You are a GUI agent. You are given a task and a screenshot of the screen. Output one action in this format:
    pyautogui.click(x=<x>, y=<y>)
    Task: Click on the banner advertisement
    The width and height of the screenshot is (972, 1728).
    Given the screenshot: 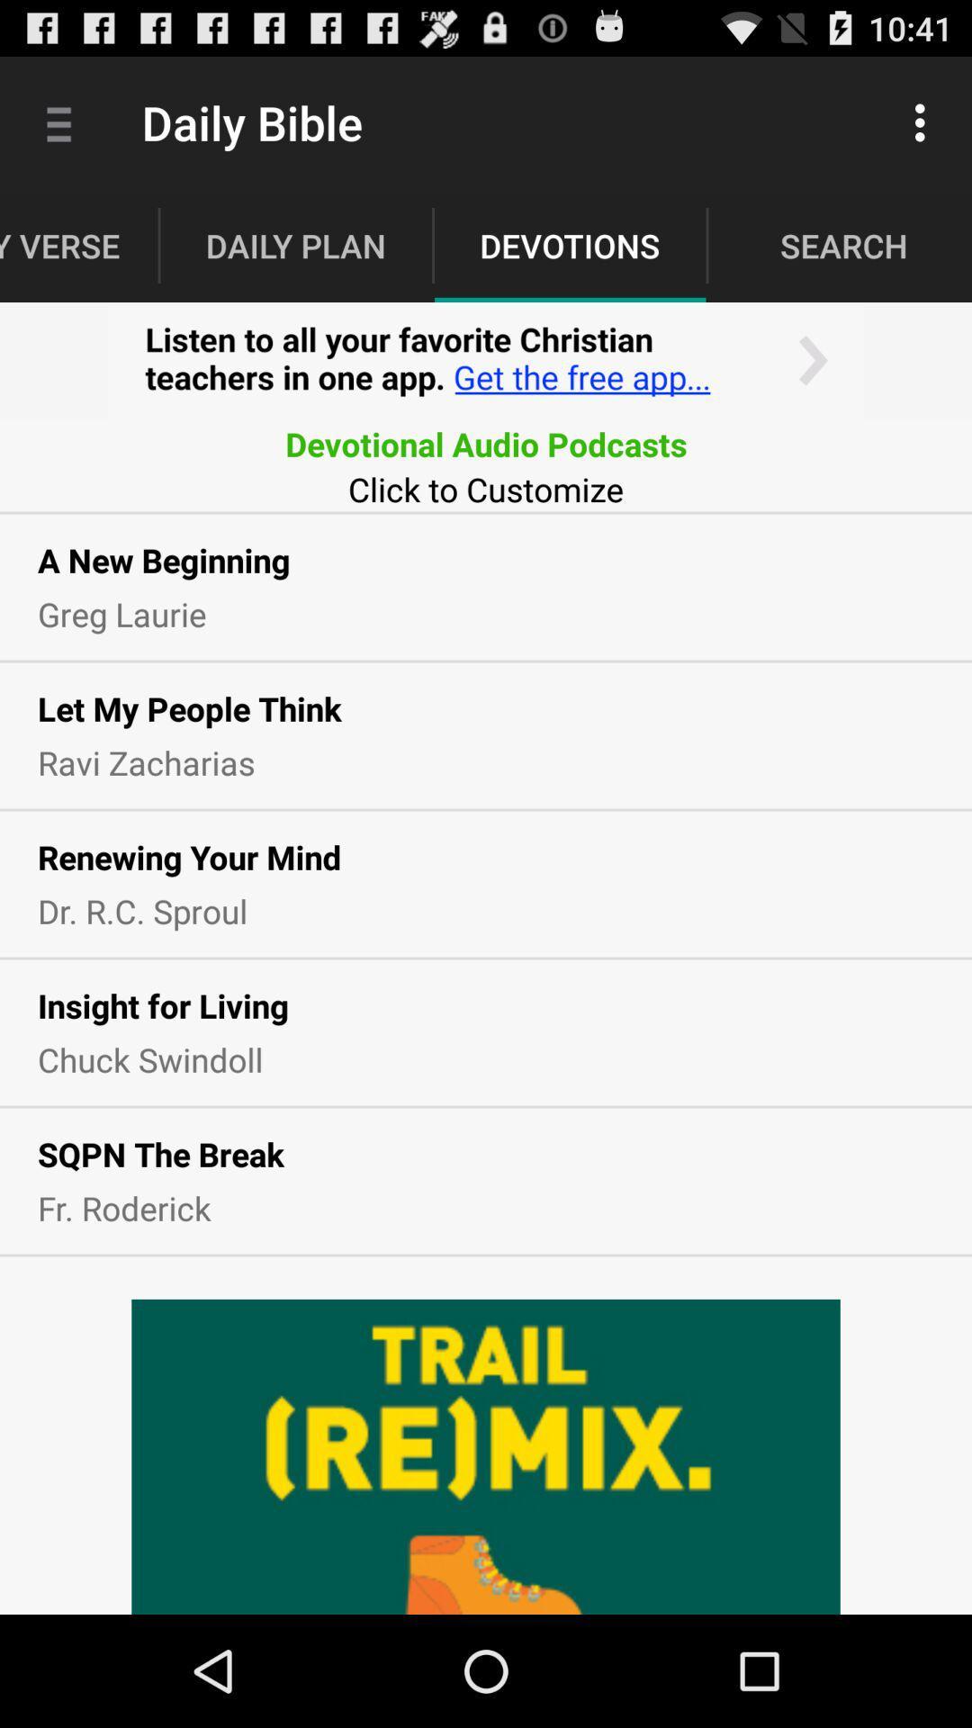 What is the action you would take?
    pyautogui.click(x=486, y=360)
    